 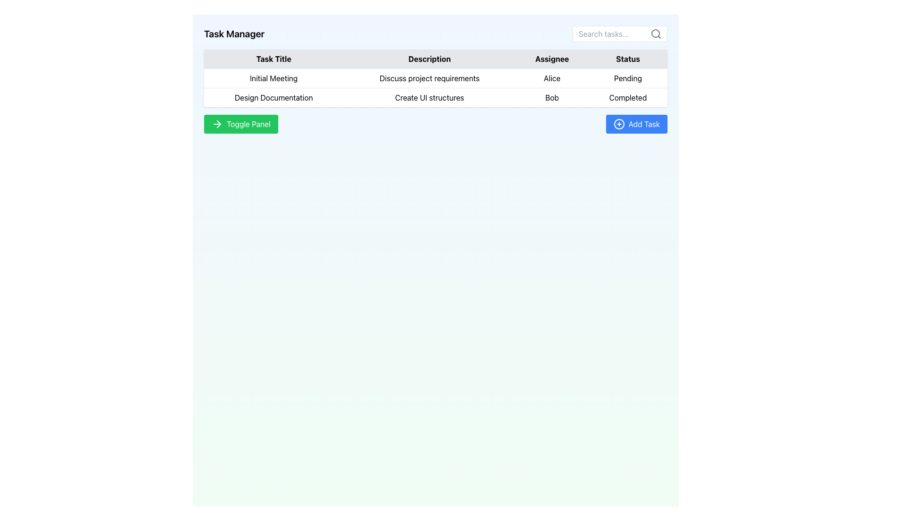 What do you see at coordinates (552, 59) in the screenshot?
I see `the 'Assignee' header label in the table to sort the column if it supports interactions` at bounding box center [552, 59].